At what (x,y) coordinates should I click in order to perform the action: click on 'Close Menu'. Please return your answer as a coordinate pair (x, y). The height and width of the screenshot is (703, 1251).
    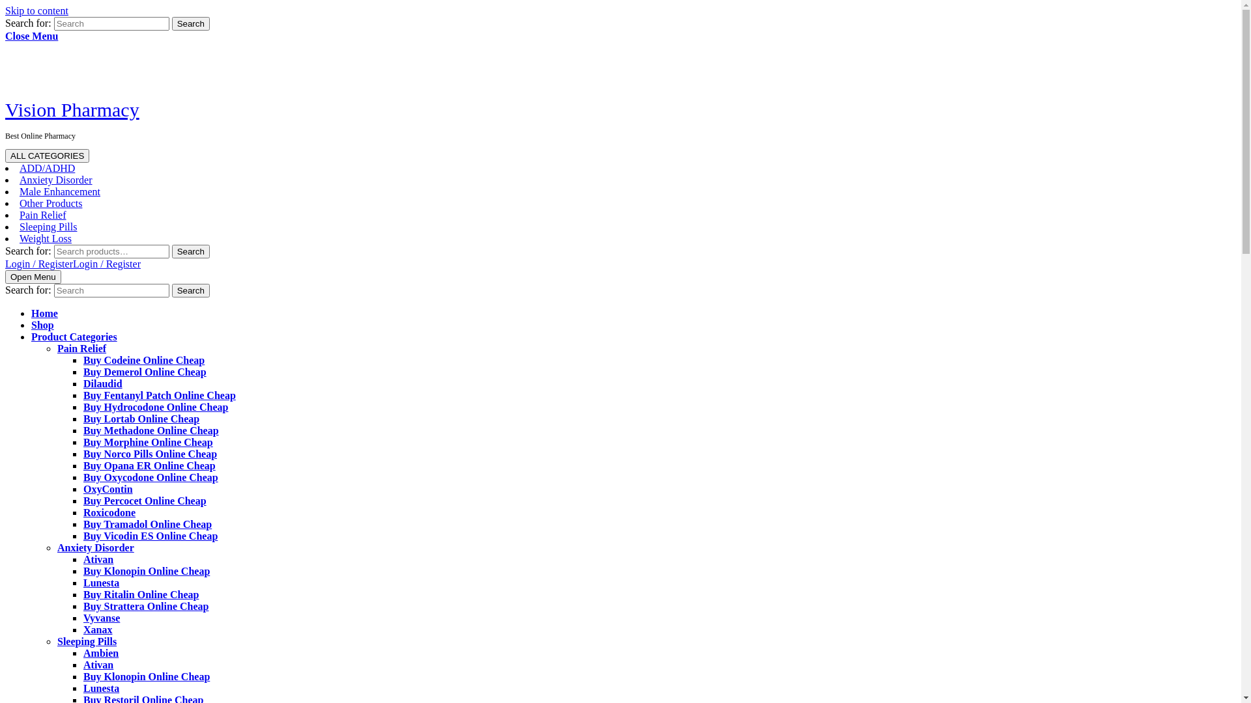
    Looking at the image, I should click on (31, 35).